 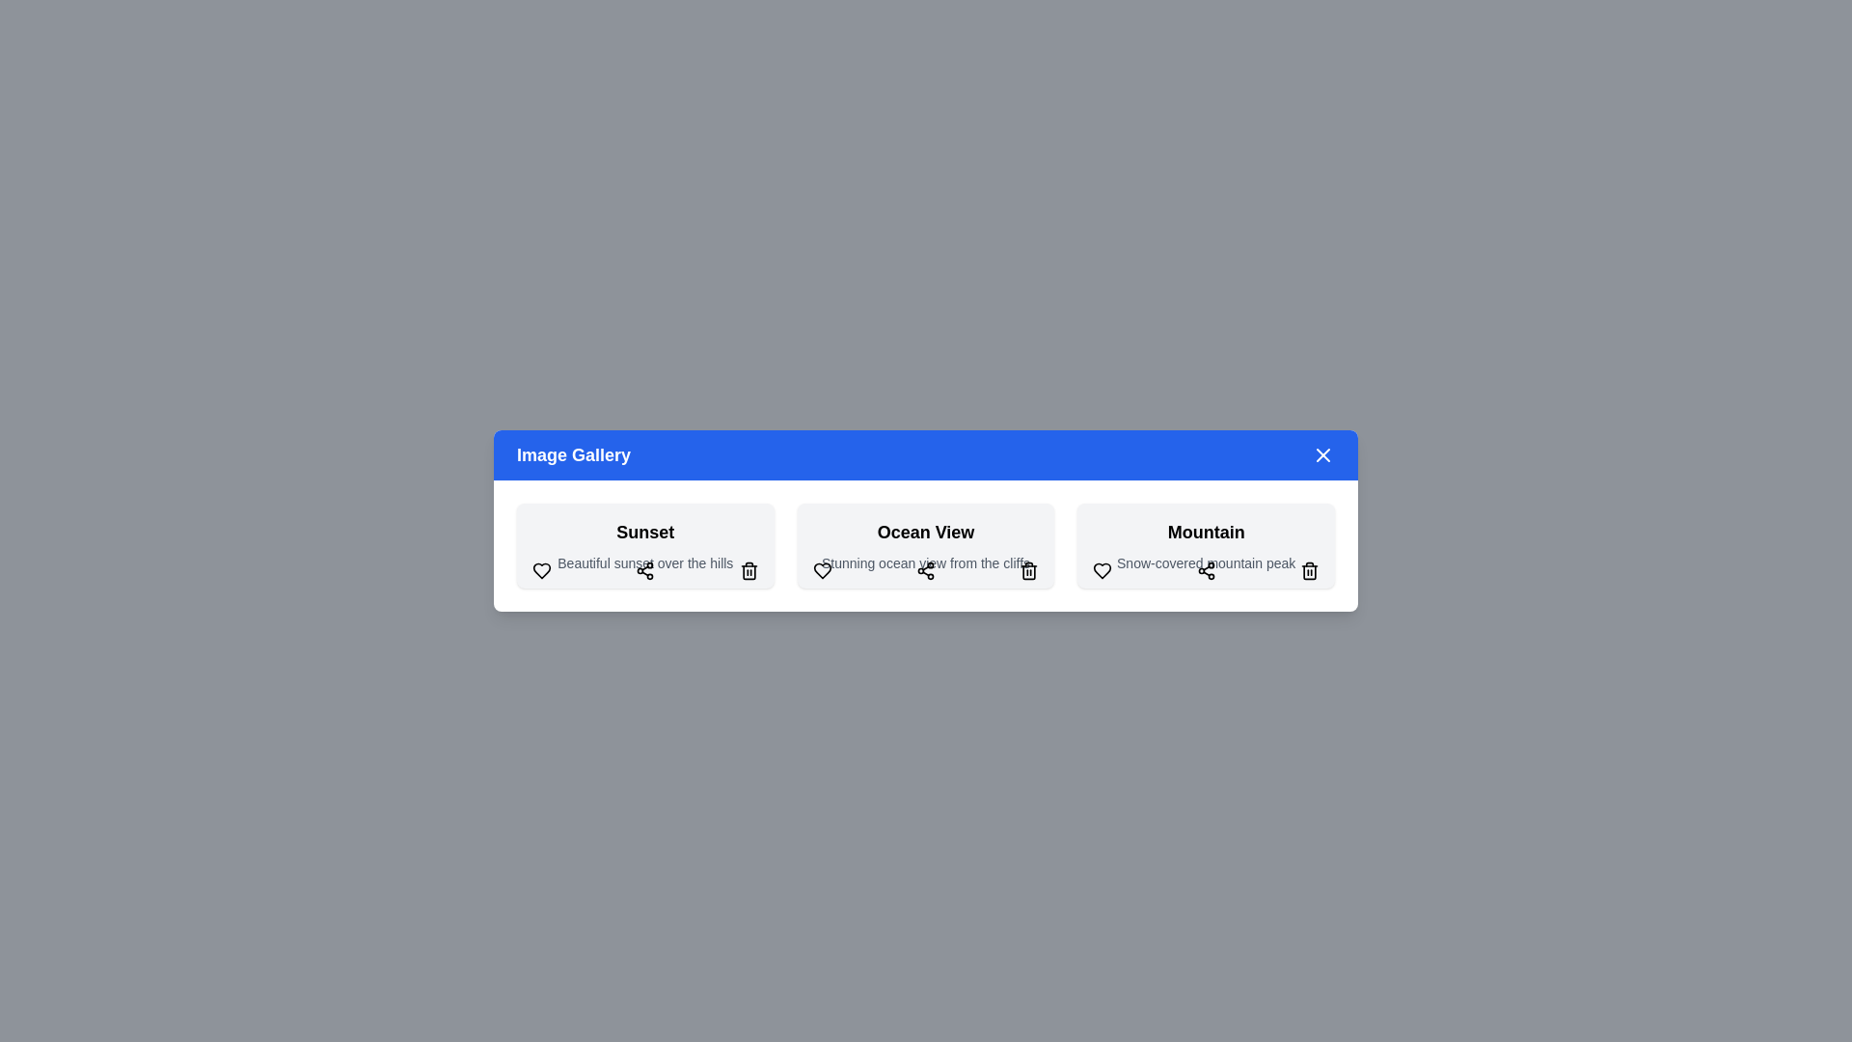 What do you see at coordinates (540, 569) in the screenshot?
I see `heart button for the image titled 'Sunset' to like it` at bounding box center [540, 569].